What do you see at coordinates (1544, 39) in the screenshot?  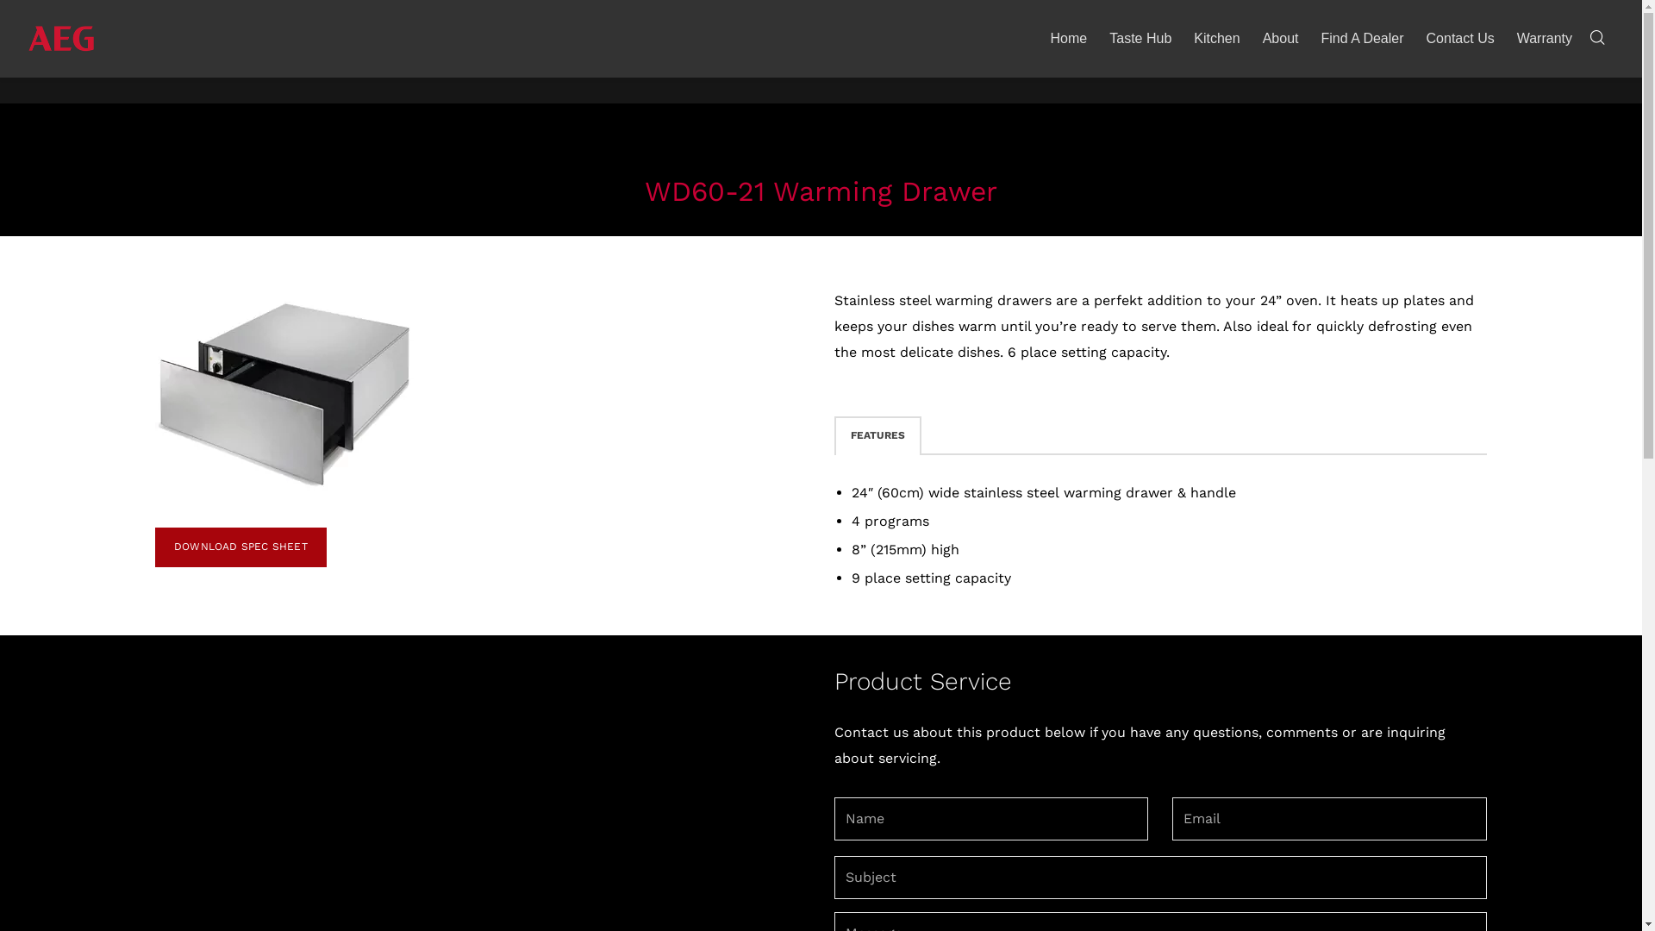 I see `'Warranty'` at bounding box center [1544, 39].